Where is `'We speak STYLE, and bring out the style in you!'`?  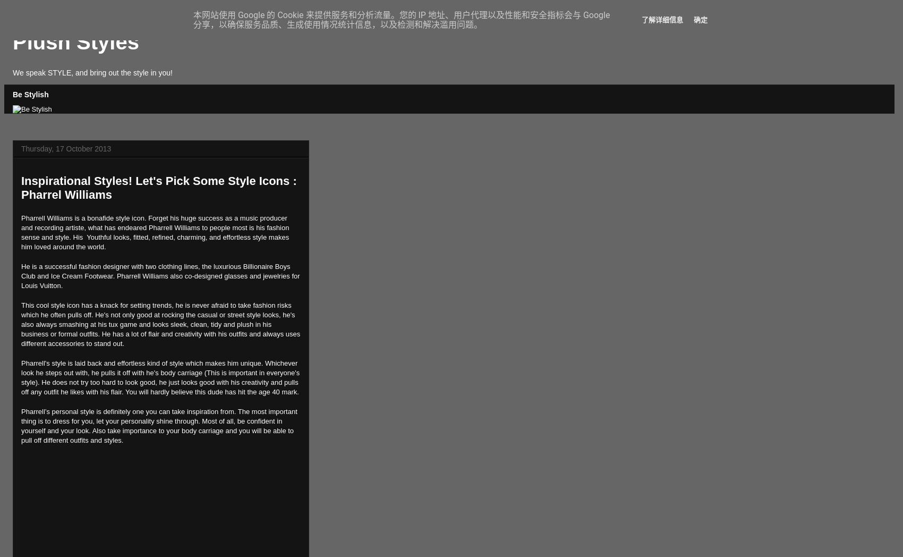 'We speak STYLE, and bring out the style in you!' is located at coordinates (92, 72).